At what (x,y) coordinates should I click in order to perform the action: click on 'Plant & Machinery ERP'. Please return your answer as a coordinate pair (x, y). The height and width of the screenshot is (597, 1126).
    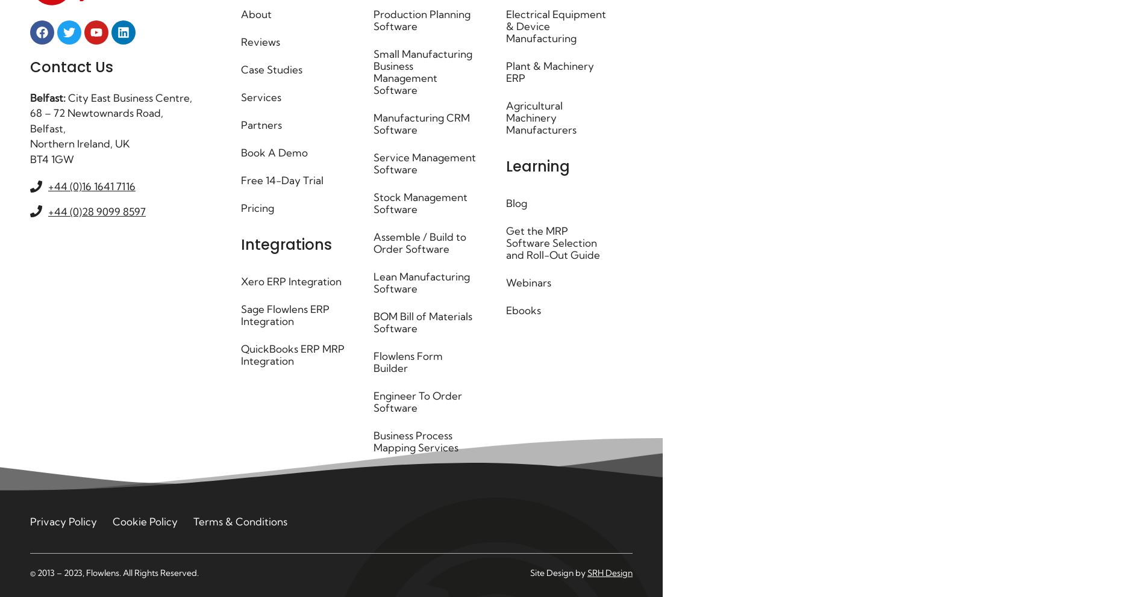
    Looking at the image, I should click on (549, 71).